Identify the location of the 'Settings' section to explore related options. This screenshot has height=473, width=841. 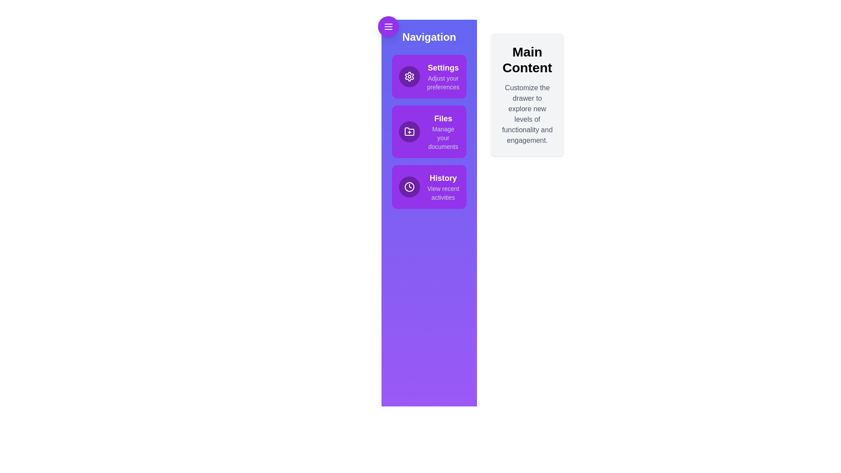
(429, 76).